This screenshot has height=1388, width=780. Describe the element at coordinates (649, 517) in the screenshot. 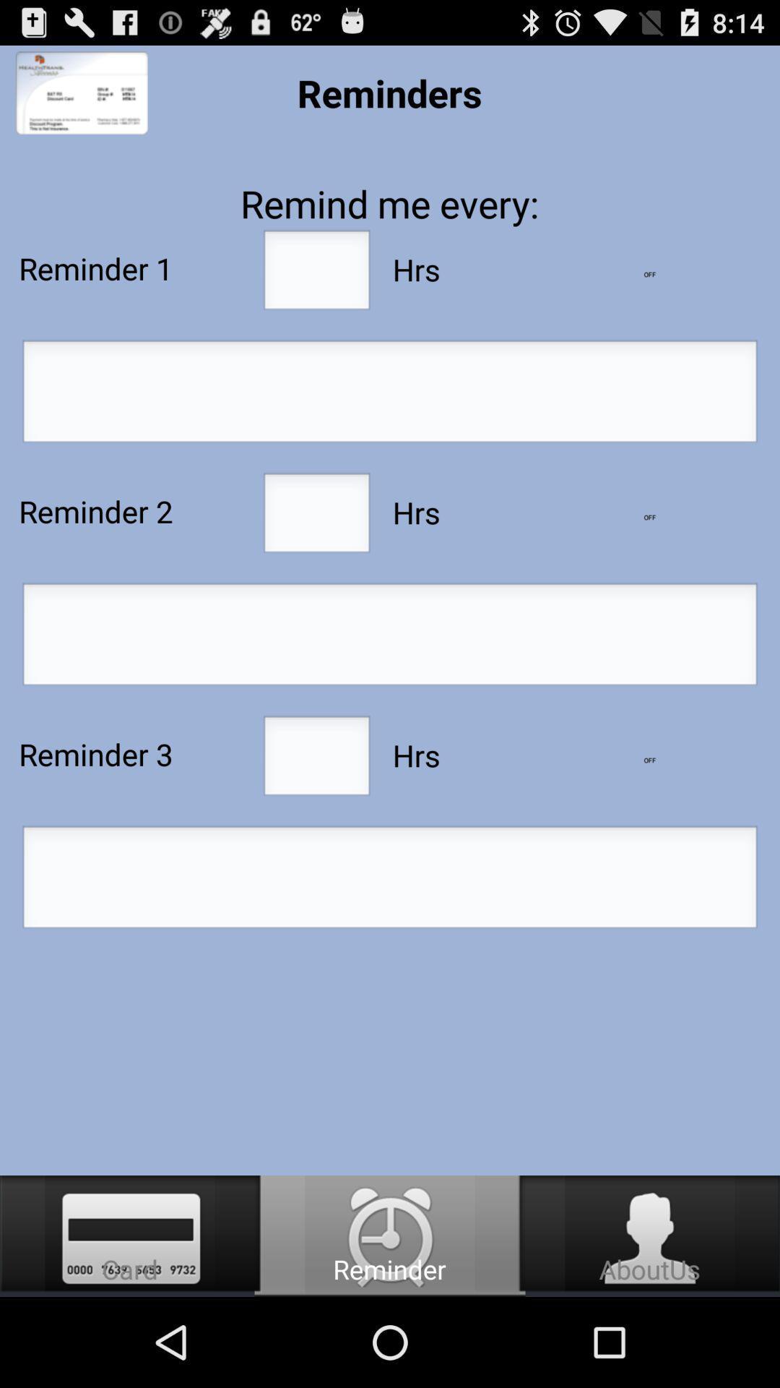

I see `open drop down` at that location.